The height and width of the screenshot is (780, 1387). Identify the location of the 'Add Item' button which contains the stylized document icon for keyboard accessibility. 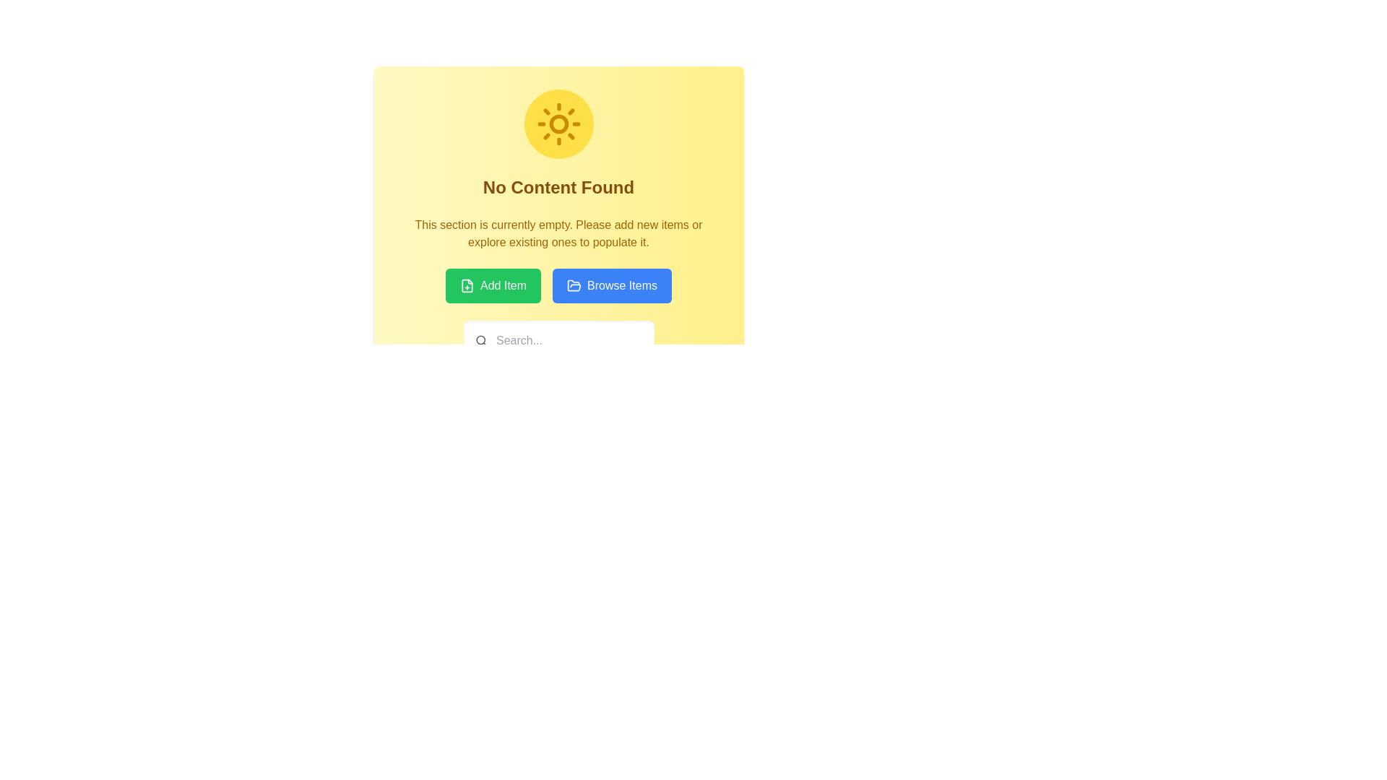
(467, 286).